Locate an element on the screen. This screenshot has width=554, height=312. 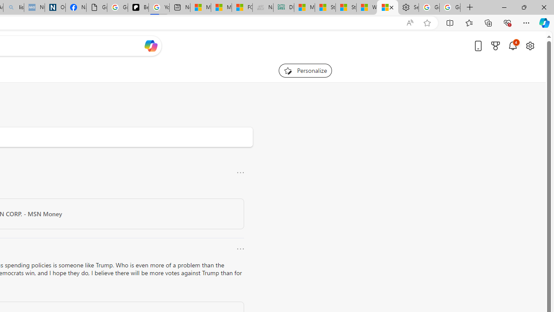
'R******* | Trusted Community Engagement and Contributions' is located at coordinates (387, 7).